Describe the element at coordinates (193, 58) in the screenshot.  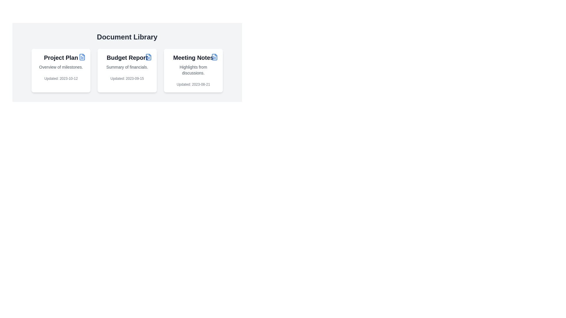
I see `text label located at the top of the rightmost card under the heading 'Document Library', summarizing its content` at that location.